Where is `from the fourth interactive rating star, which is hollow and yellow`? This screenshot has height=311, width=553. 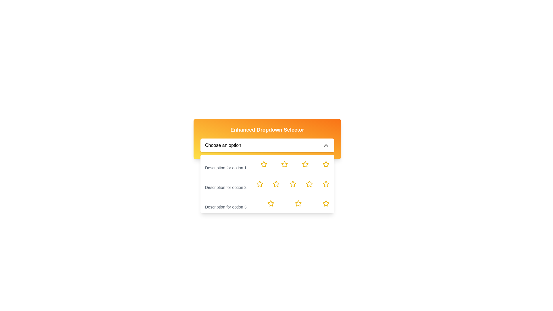 from the fourth interactive rating star, which is hollow and yellow is located at coordinates (293, 184).